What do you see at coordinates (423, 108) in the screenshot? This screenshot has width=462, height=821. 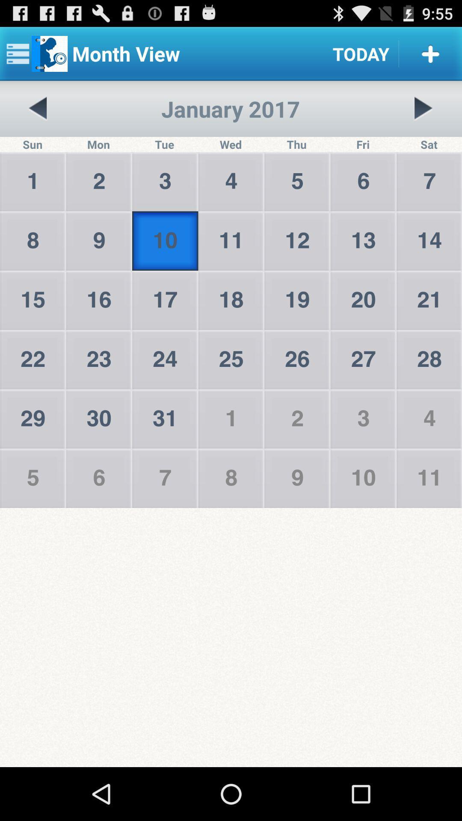 I see `item to the right of the thu item` at bounding box center [423, 108].